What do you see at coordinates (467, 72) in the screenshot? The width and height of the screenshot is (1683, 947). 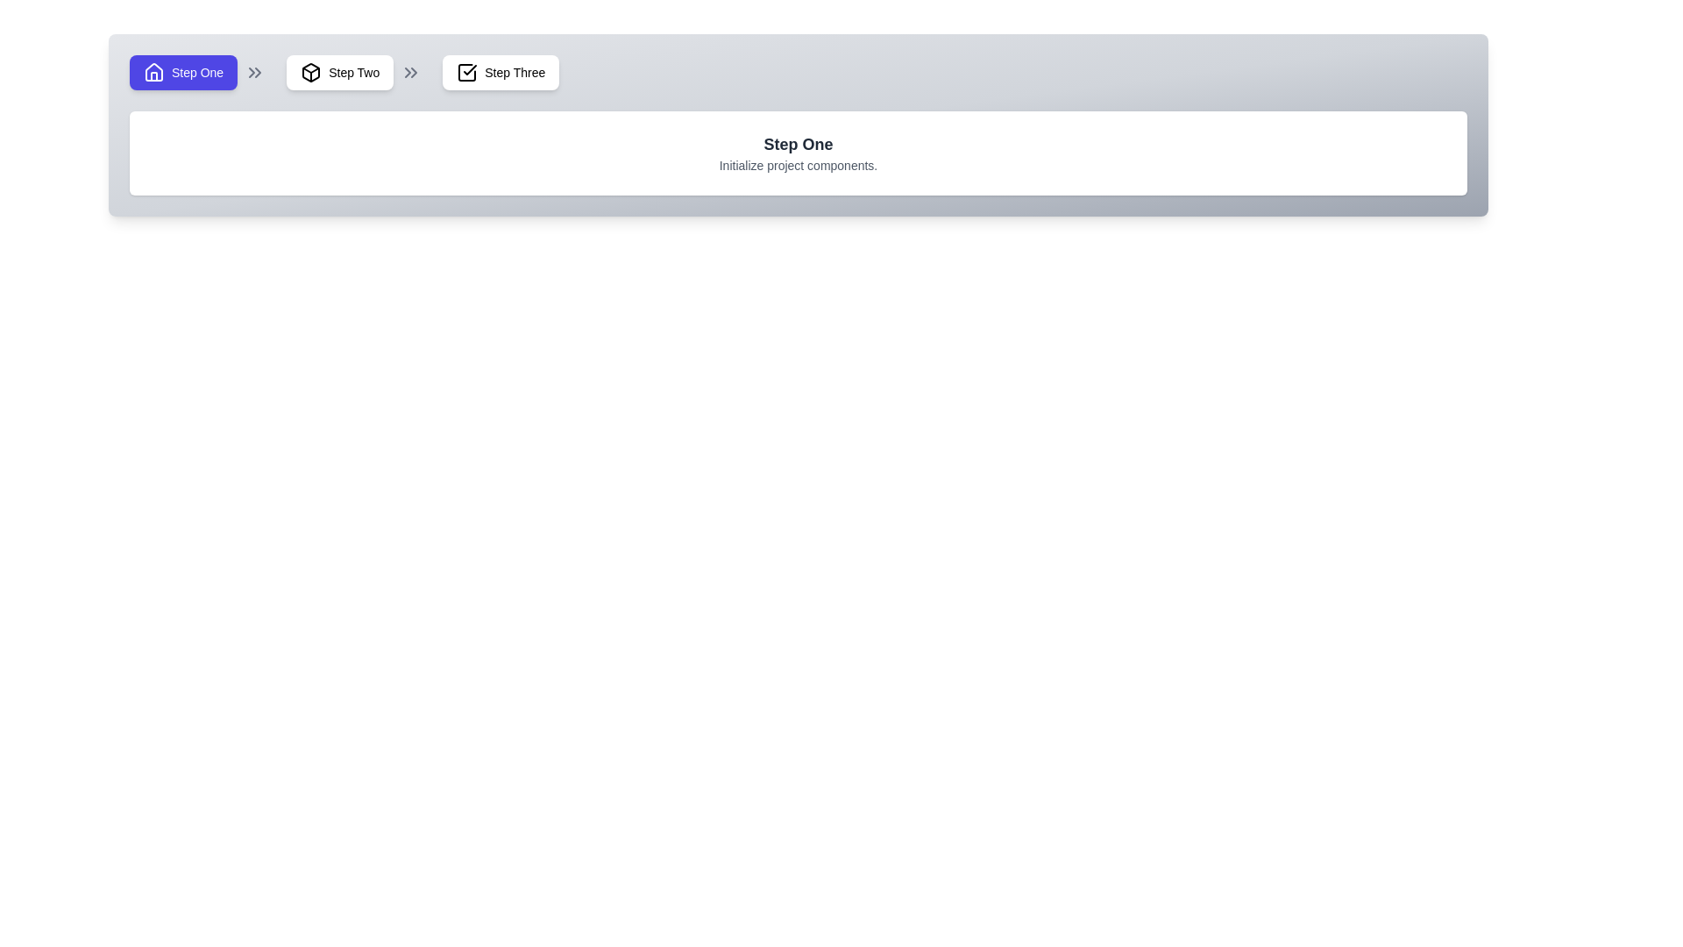 I see `the progress indicator icon for 'Step Three' in the step-by-step navigation bar, which visually signals the completion of this step` at bounding box center [467, 72].